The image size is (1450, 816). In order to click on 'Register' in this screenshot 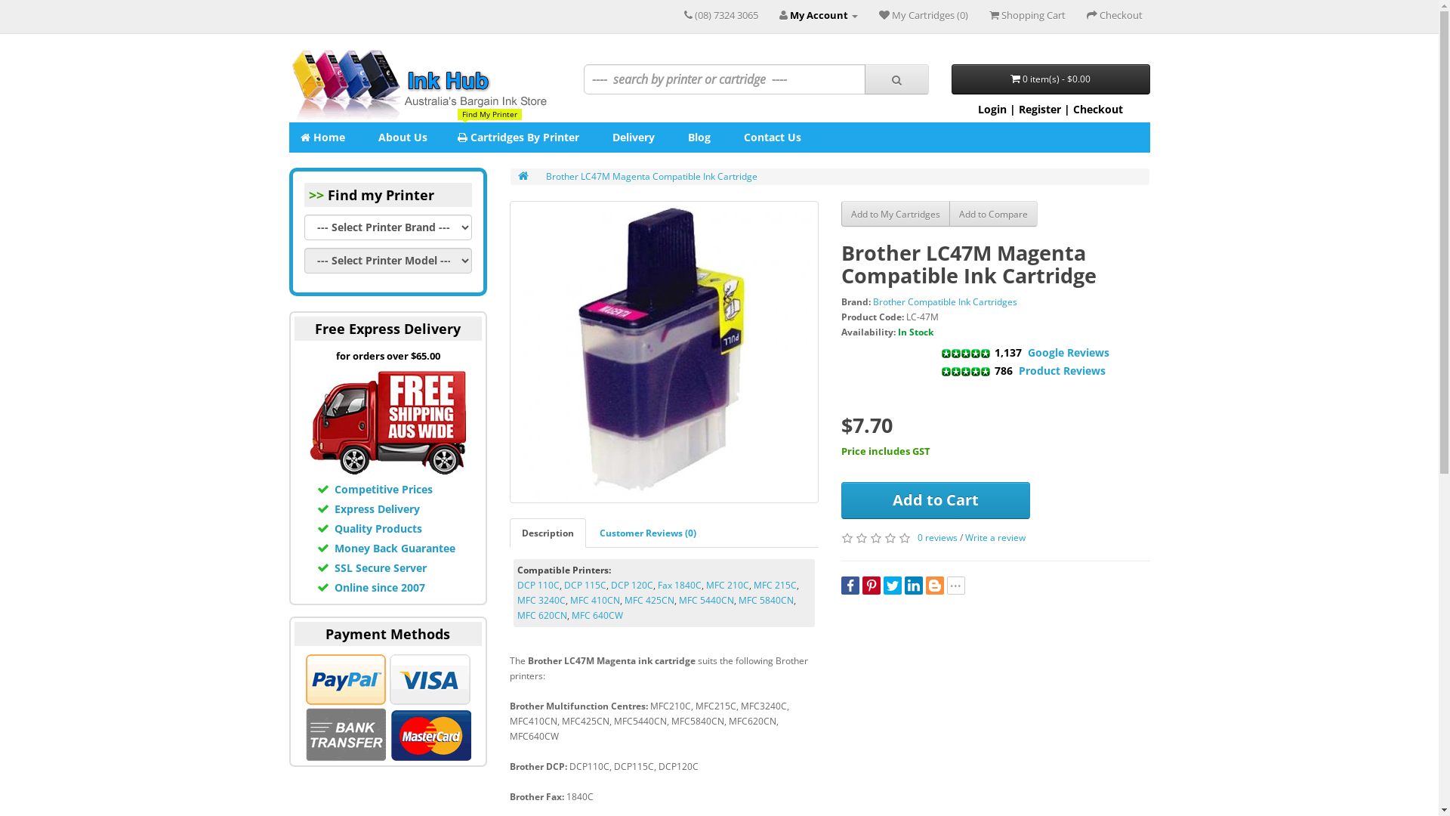, I will do `click(1018, 108)`.